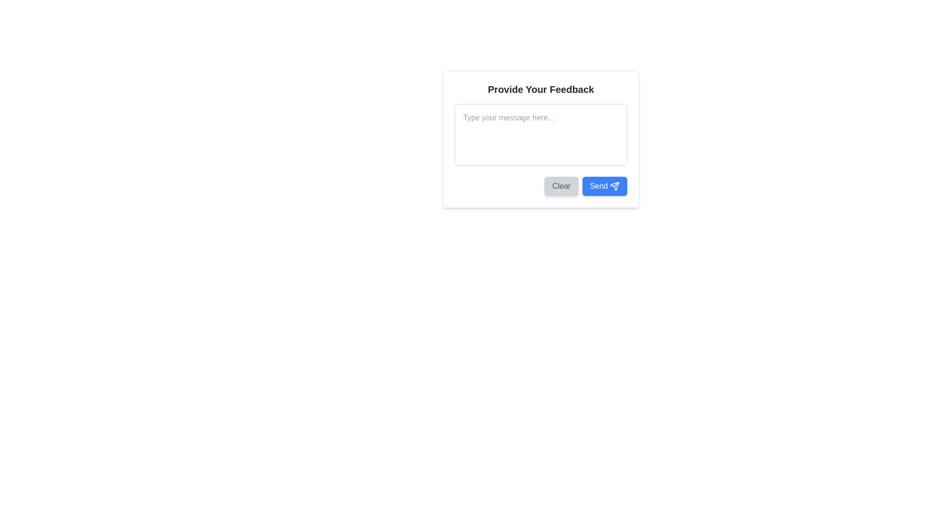 Image resolution: width=925 pixels, height=520 pixels. What do you see at coordinates (616, 184) in the screenshot?
I see `the diagonal line segment styled as part of an SVG icon located on the right side of the feedback form's 'Send' button` at bounding box center [616, 184].